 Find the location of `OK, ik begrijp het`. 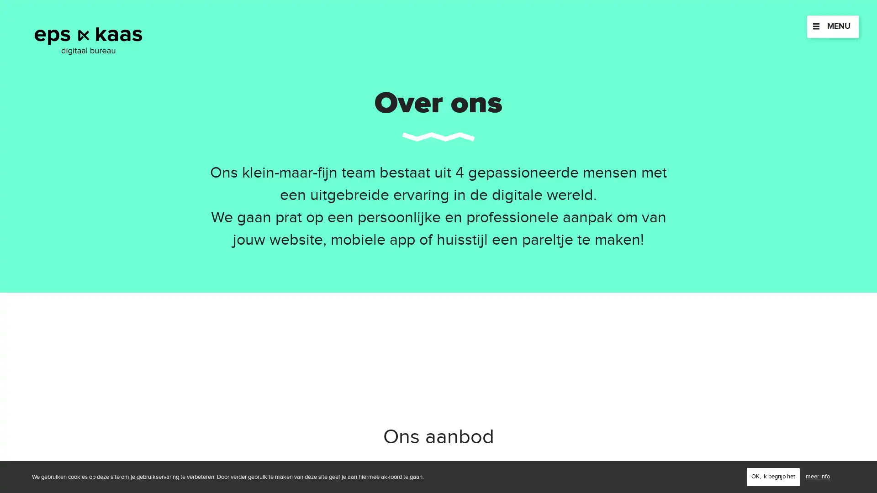

OK, ik begrijp het is located at coordinates (773, 476).